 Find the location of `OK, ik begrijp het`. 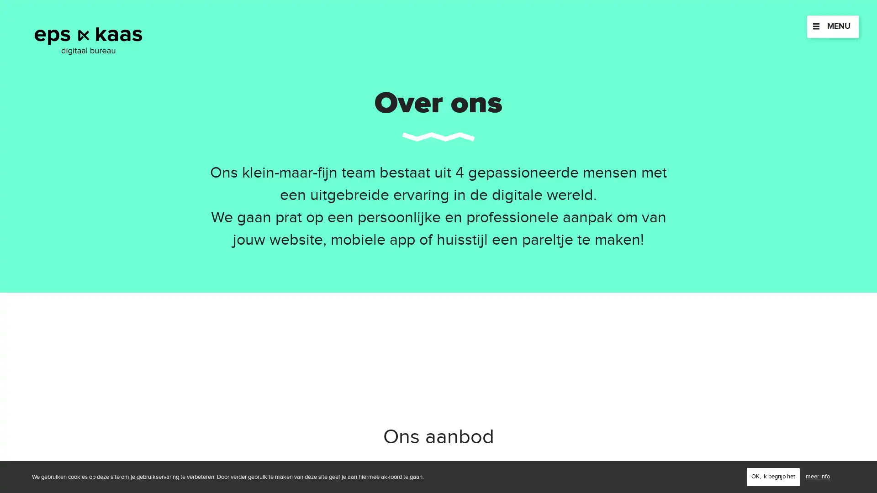

OK, ik begrijp het is located at coordinates (773, 476).